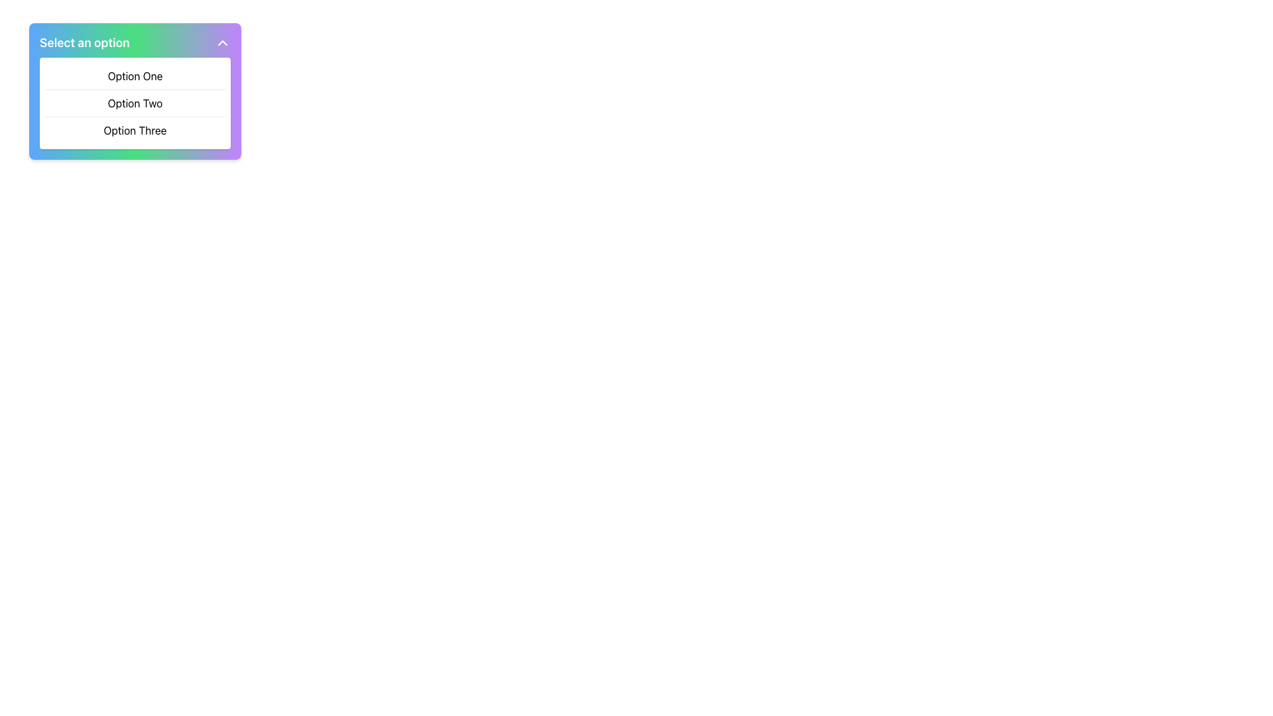 The width and height of the screenshot is (1273, 716). What do you see at coordinates (135, 130) in the screenshot?
I see `the third option in the dropdown menu, labeled 'Option Three'` at bounding box center [135, 130].